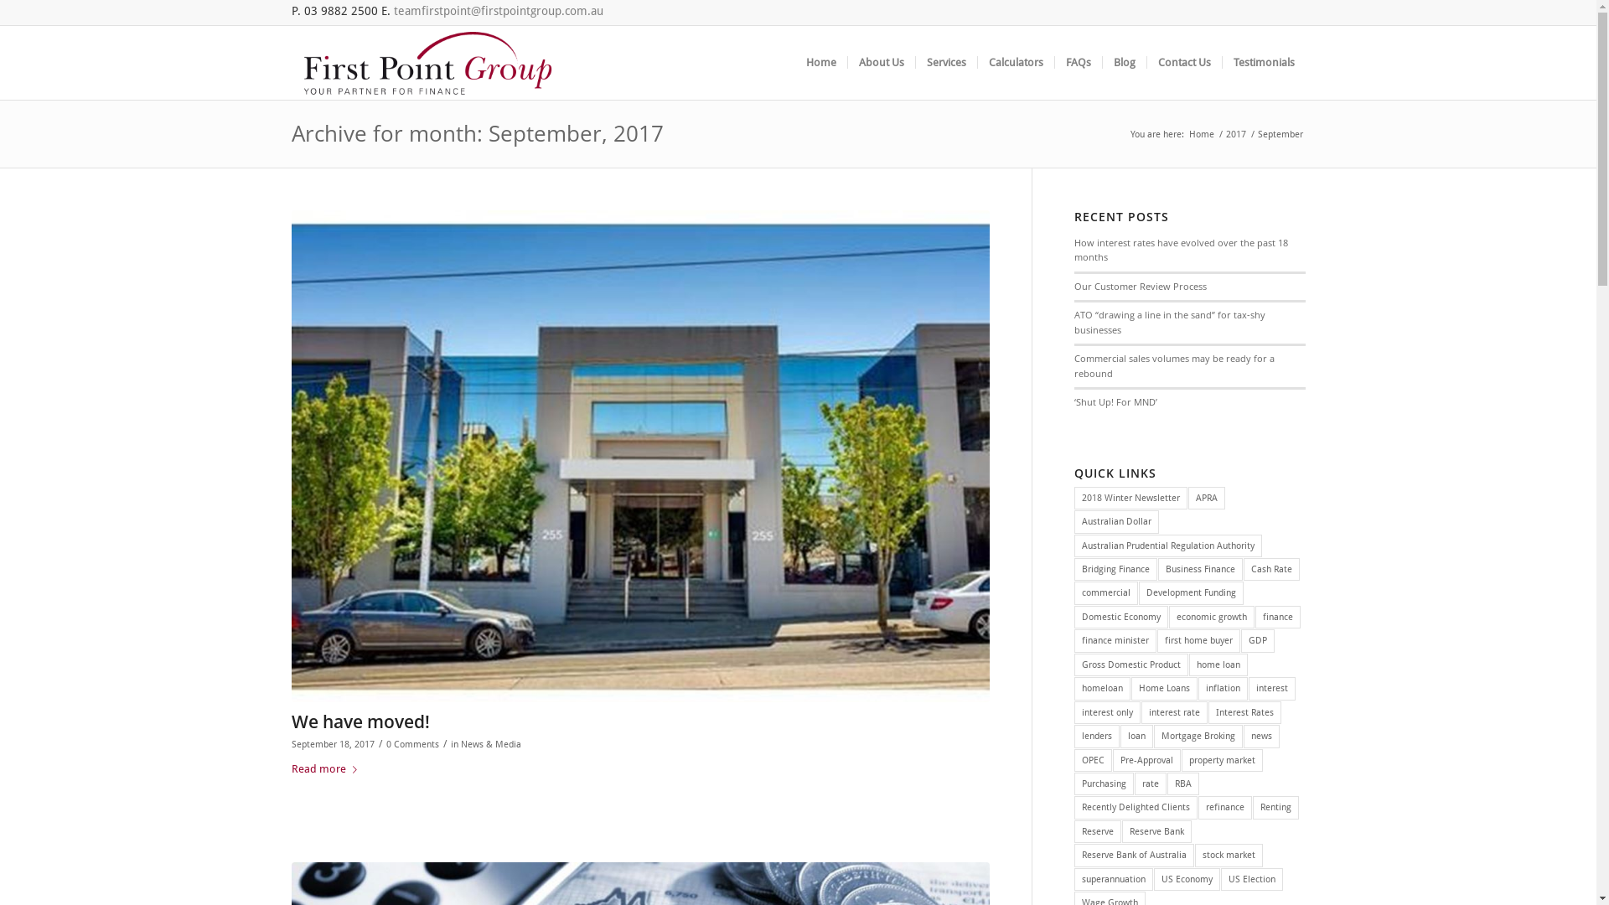  What do you see at coordinates (1182, 783) in the screenshot?
I see `'RBA'` at bounding box center [1182, 783].